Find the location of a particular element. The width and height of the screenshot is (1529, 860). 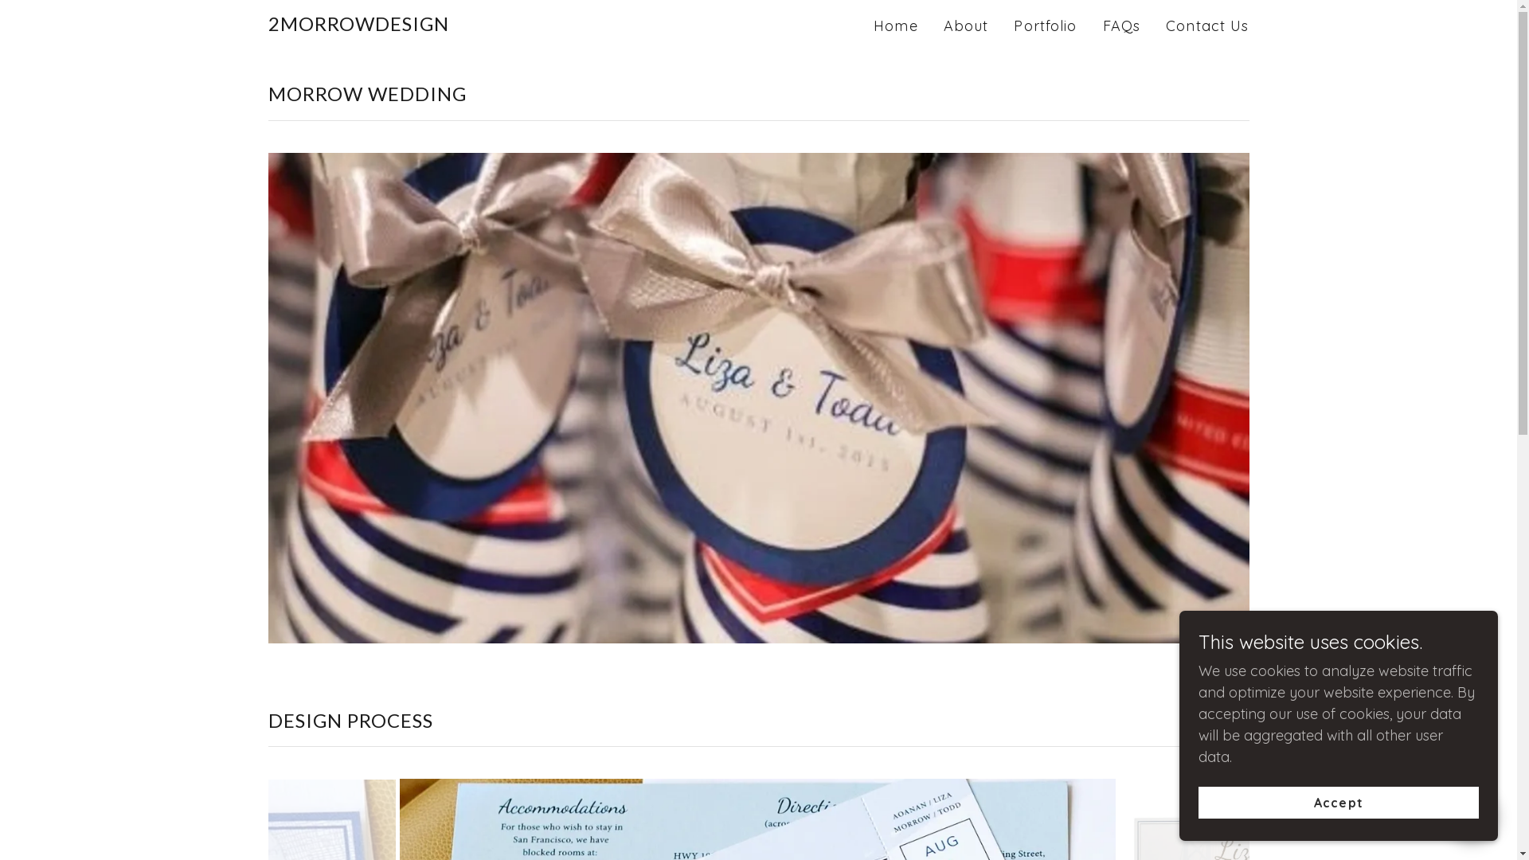

'Home' is located at coordinates (867, 26).